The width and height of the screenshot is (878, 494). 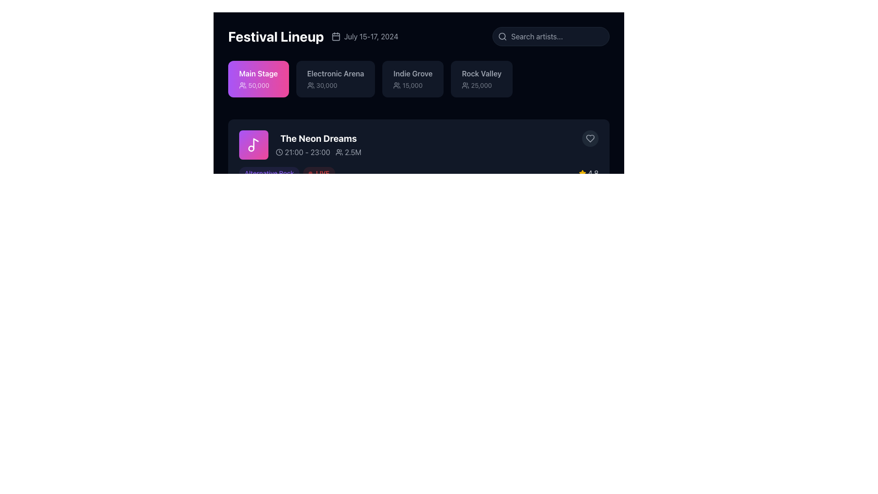 I want to click on the static text element displaying 'Festival Lineup' with the associated calendar icon and date 'July 15-17, 2024' on a dark background, so click(x=313, y=36).